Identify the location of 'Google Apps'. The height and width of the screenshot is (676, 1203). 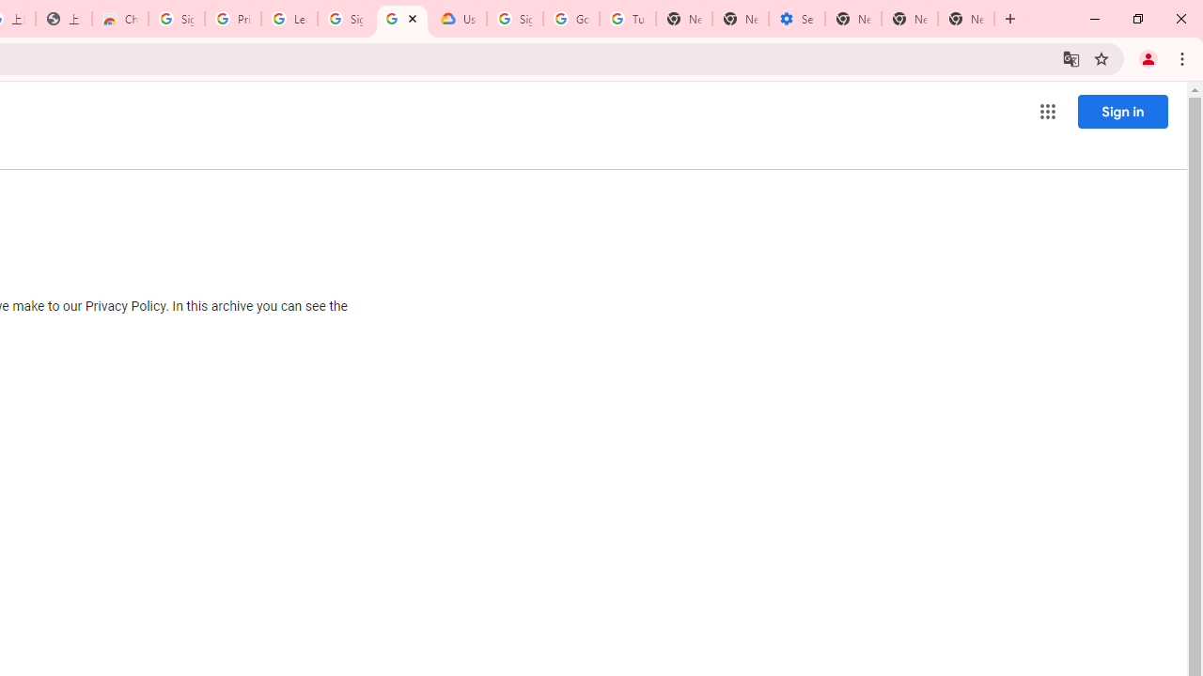
(1046, 112).